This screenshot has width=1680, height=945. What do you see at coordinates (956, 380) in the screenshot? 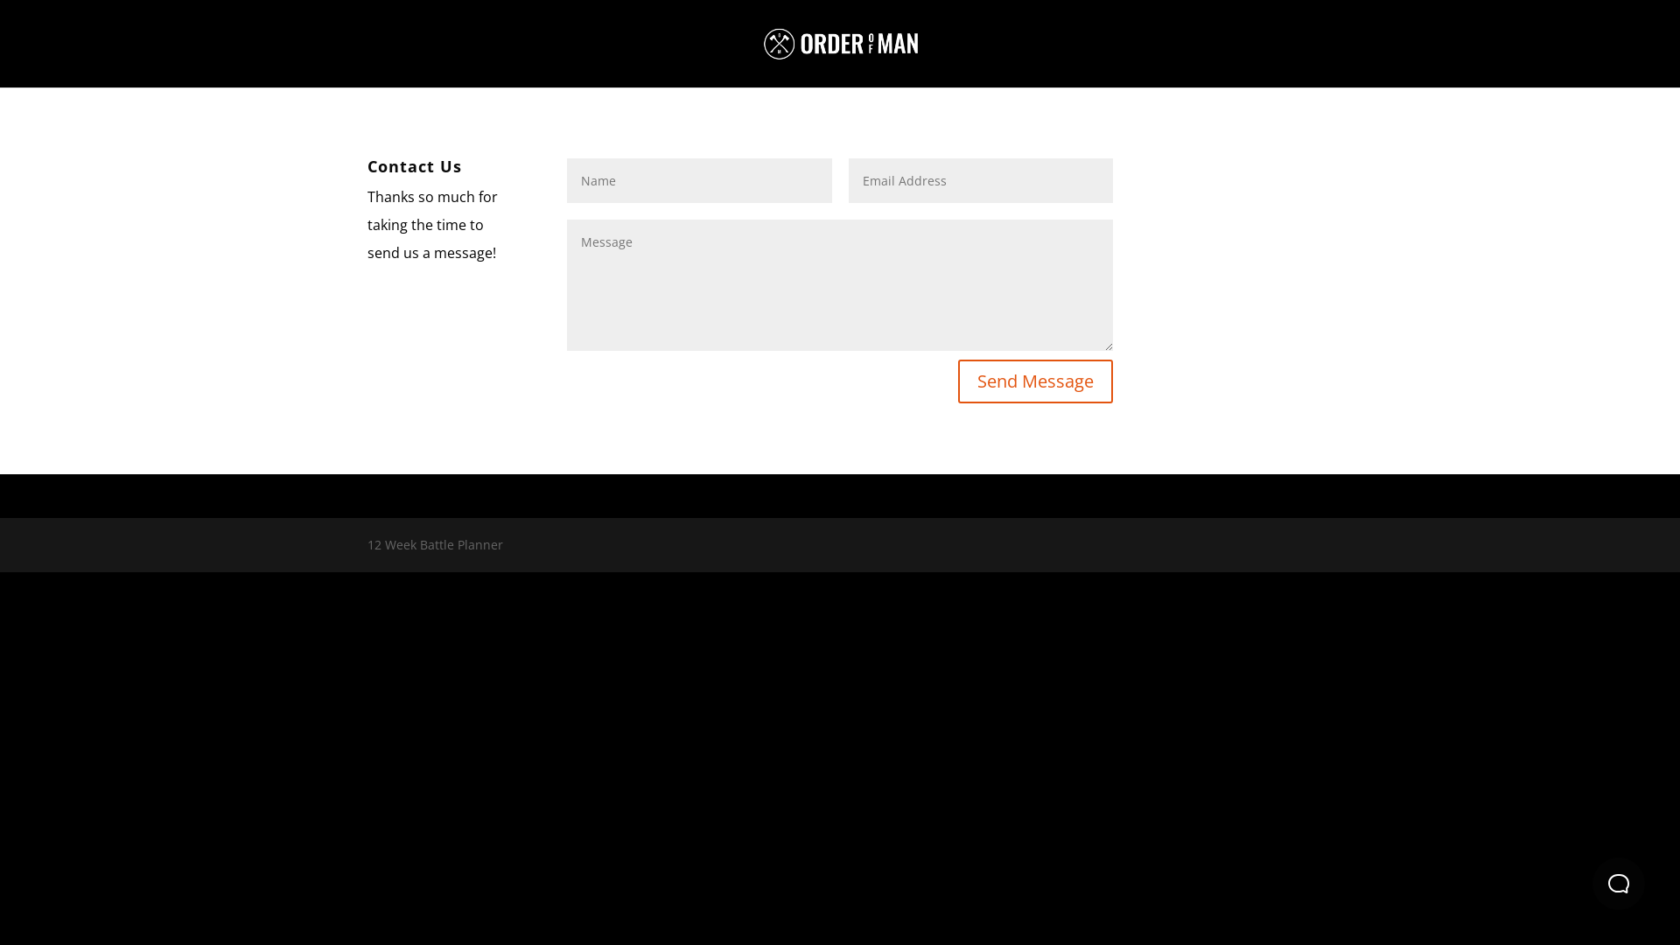
I see `'Send Message'` at bounding box center [956, 380].